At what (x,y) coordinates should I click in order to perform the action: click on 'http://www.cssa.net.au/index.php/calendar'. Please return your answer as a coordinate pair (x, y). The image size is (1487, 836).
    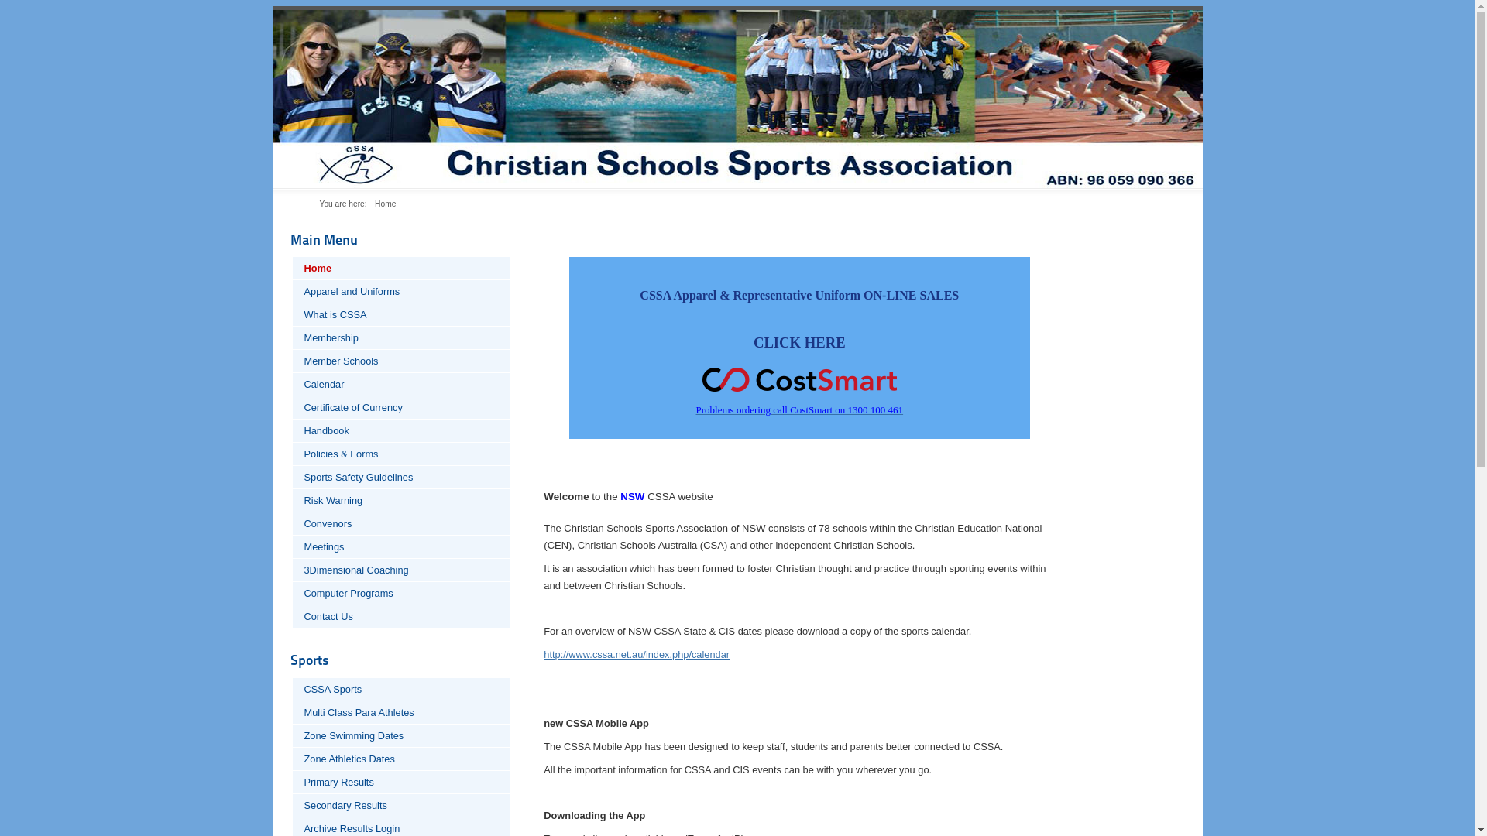
    Looking at the image, I should click on (636, 654).